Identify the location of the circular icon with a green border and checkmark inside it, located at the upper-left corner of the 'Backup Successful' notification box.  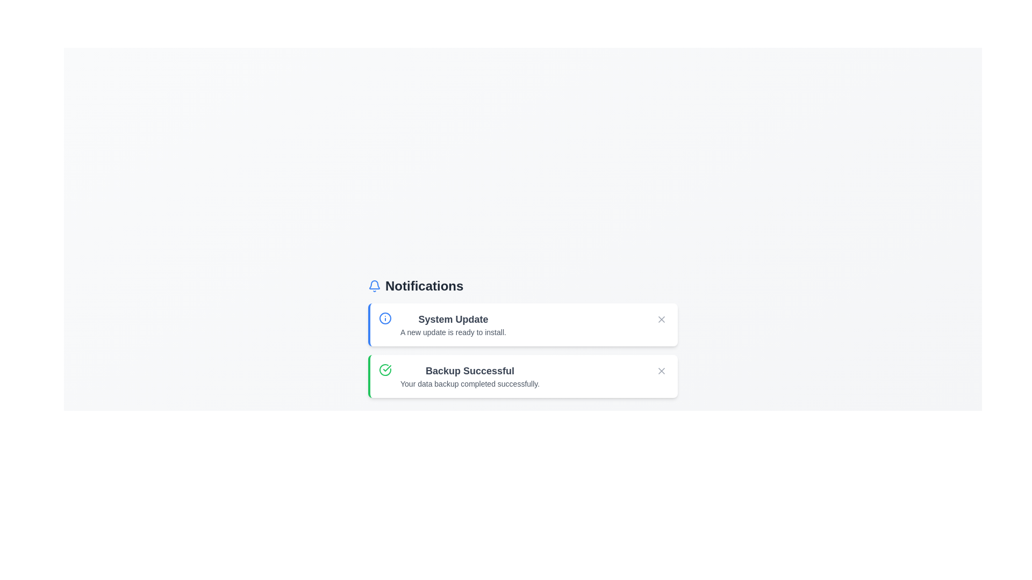
(385, 369).